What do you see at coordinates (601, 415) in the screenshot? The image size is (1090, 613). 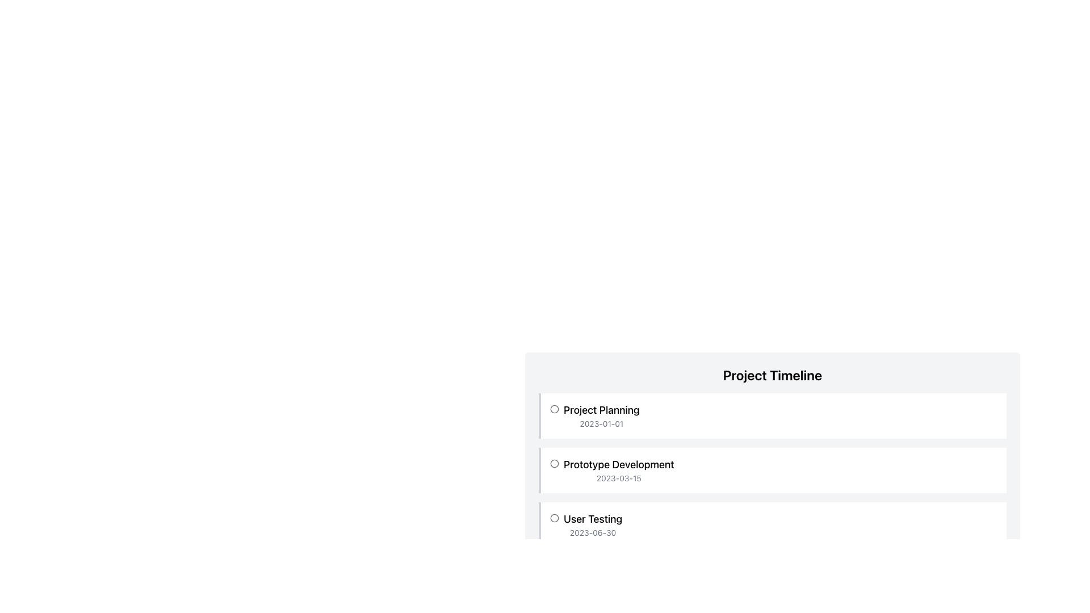 I see `project name and date displayed in the uppermost list entry under the heading 'Project Timeline'` at bounding box center [601, 415].